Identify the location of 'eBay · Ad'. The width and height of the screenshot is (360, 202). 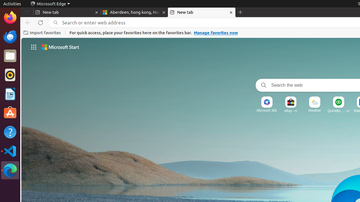
(291, 110).